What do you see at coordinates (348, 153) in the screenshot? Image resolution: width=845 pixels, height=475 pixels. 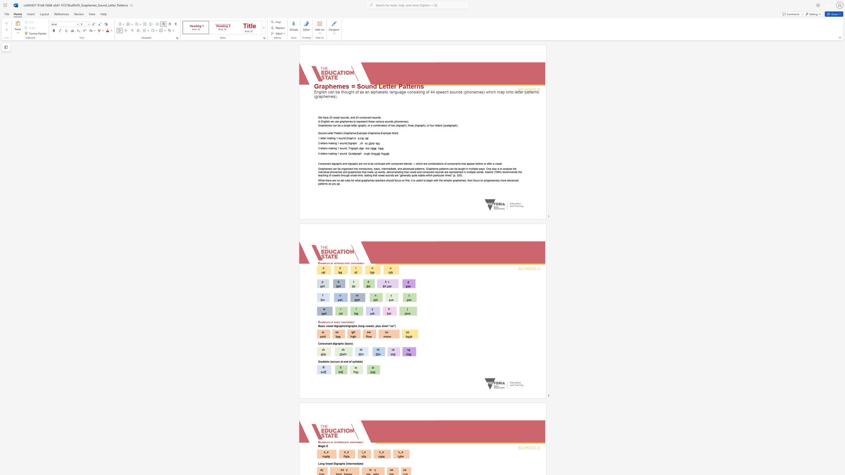 I see `the subset text "Quadgraph     ,oug" within the text "4 letters making 1 sound  ,Quadgraph     ,ough ,thr"` at bounding box center [348, 153].